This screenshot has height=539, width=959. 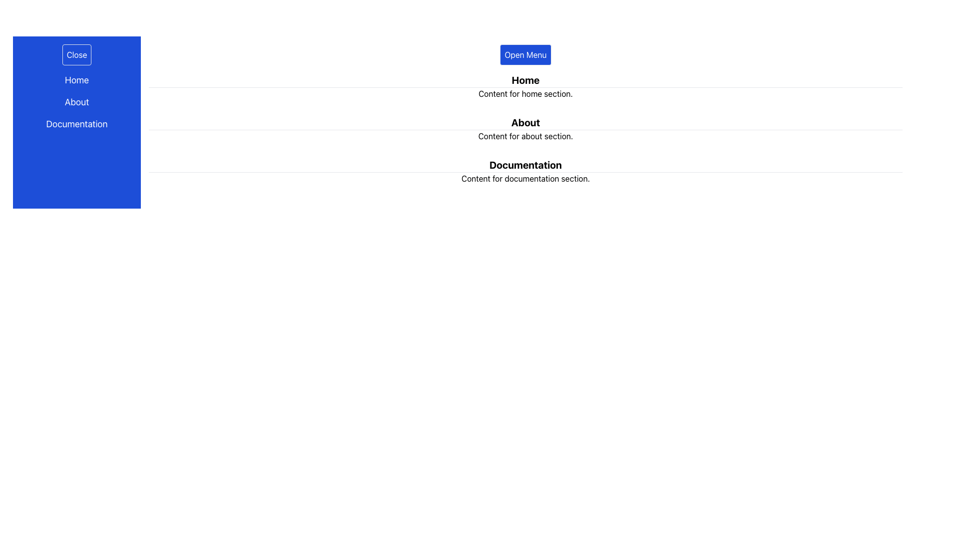 I want to click on the 'Close' button with a blue background and rounded edges, so click(x=76, y=55).